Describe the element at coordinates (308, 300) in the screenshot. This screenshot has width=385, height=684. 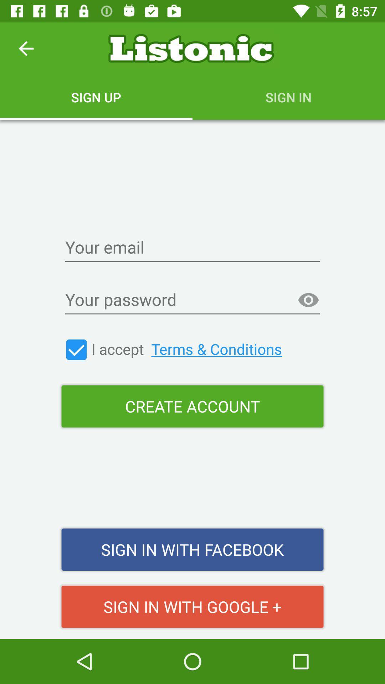
I see `item on the right` at that location.